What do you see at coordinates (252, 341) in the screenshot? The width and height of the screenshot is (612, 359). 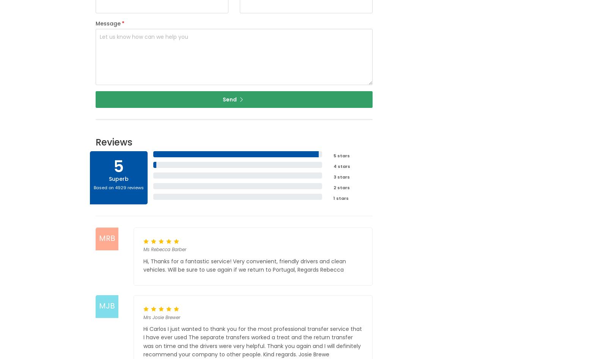 I see `'Hi Carlos
I just wanted to thank you for the most professional transfer service that I have ever used
The separate transfers worked a treat and the return transfer was on time and the drivers were very helpful.
Thank you again and I will definitely recommend your company to other people.
Kind regards.
Josie Brewe'` at bounding box center [252, 341].